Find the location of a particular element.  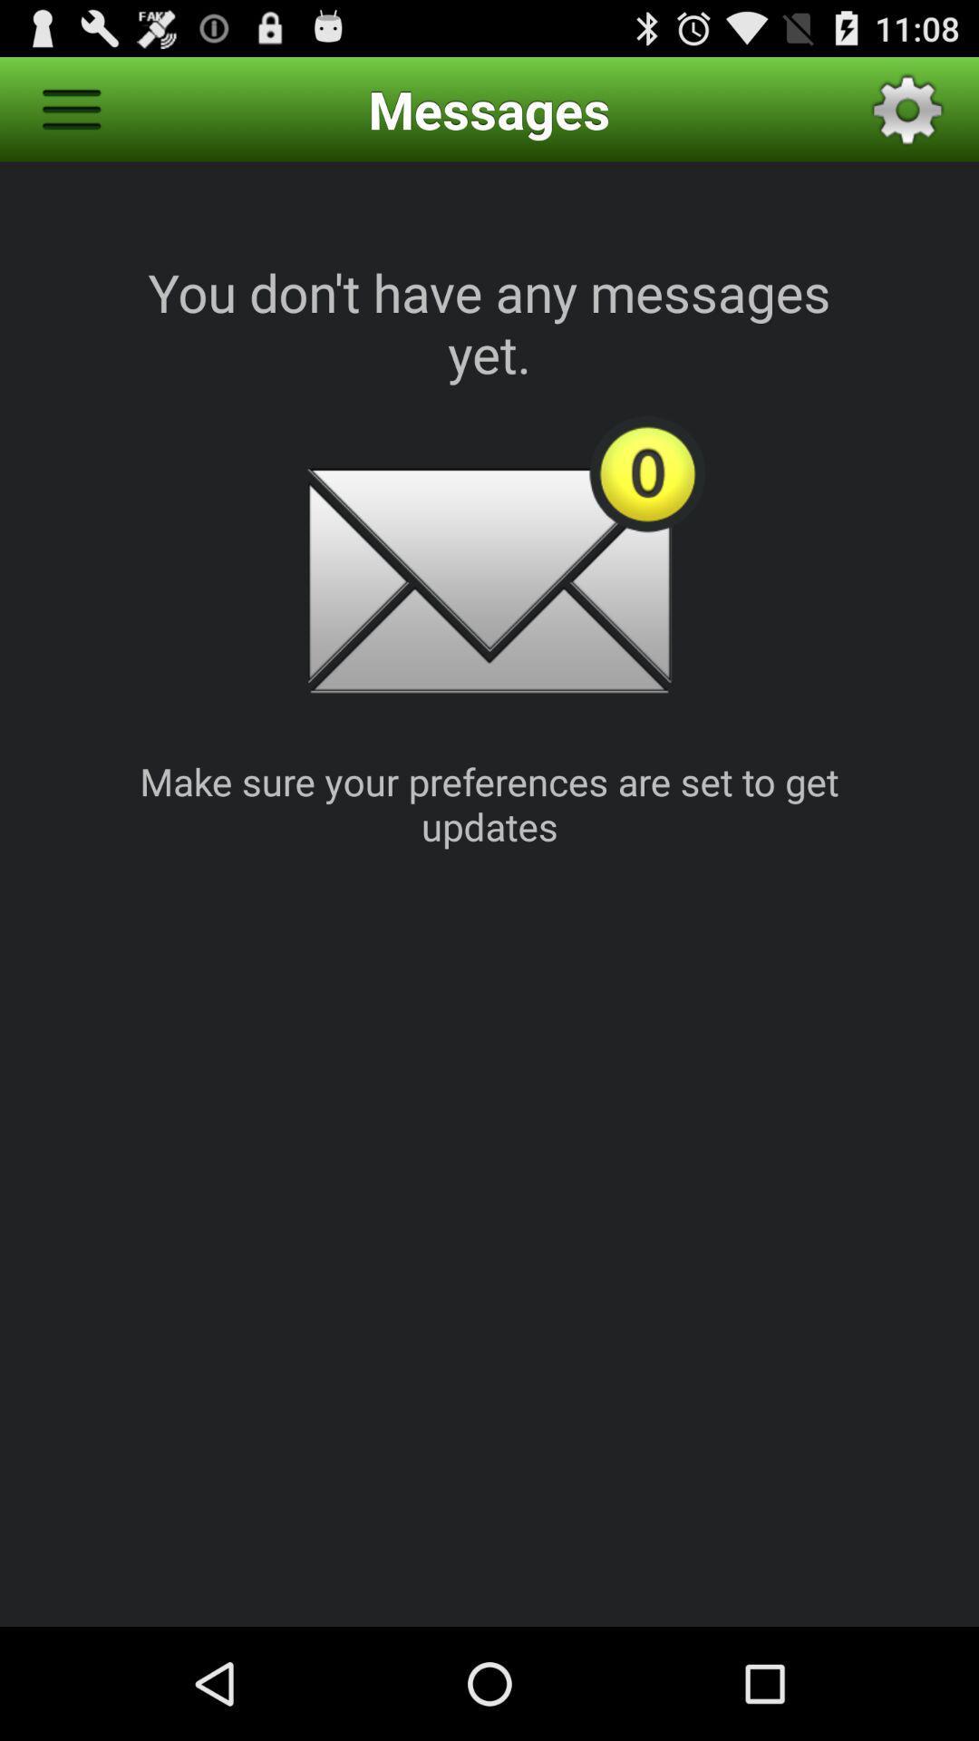

the icon at the top right corner is located at coordinates (907, 108).